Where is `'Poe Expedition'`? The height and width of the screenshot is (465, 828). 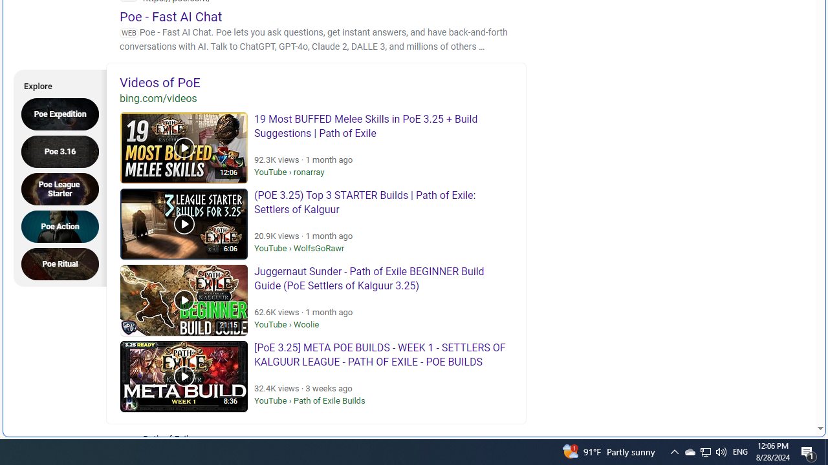 'Poe Expedition' is located at coordinates (63, 113).